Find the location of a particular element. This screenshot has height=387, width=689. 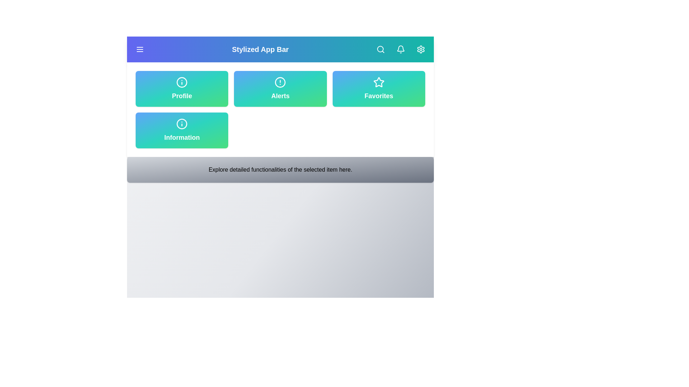

the 'Profile' button to select it is located at coordinates (182, 88).